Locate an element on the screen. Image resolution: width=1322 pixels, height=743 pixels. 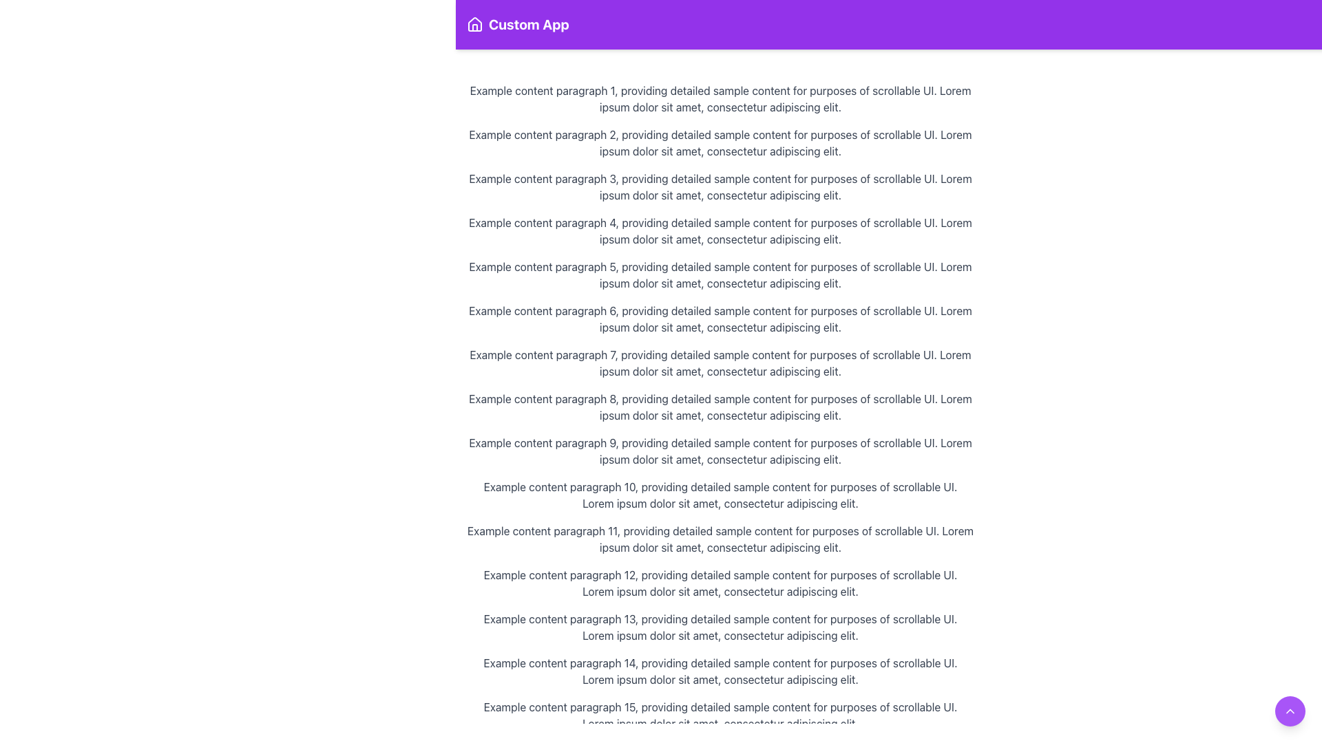
static content of the 14th paragraph displayed in the scrollable interface is located at coordinates (720, 670).